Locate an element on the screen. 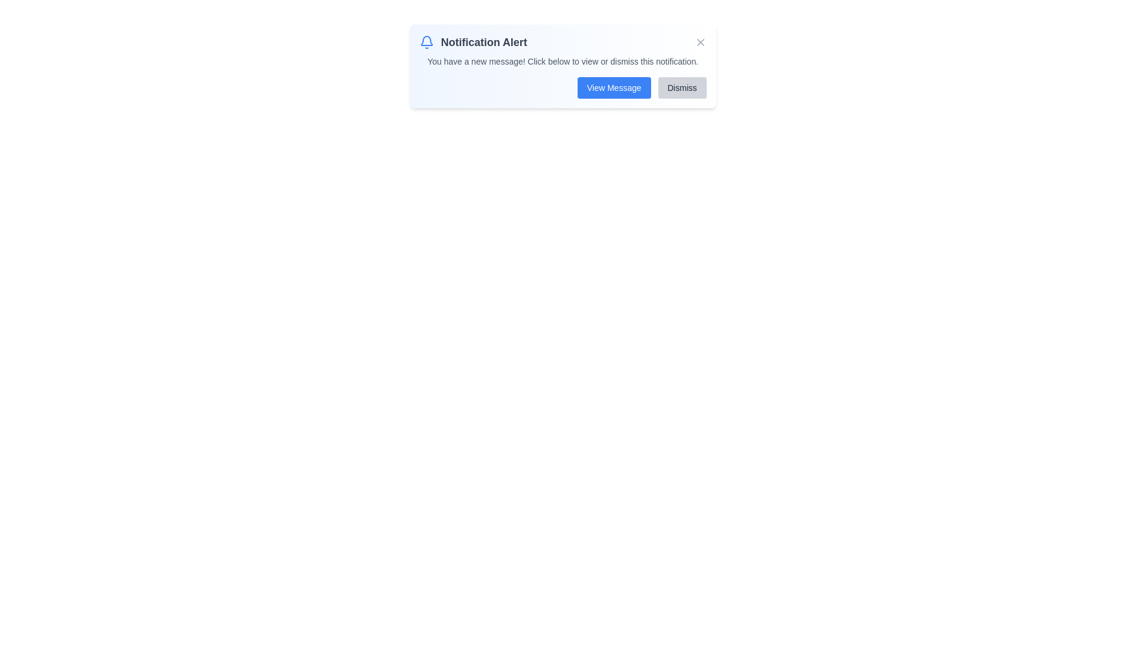 The image size is (1148, 646). the button labeled View Message to observe its hover effect is located at coordinates (614, 87).